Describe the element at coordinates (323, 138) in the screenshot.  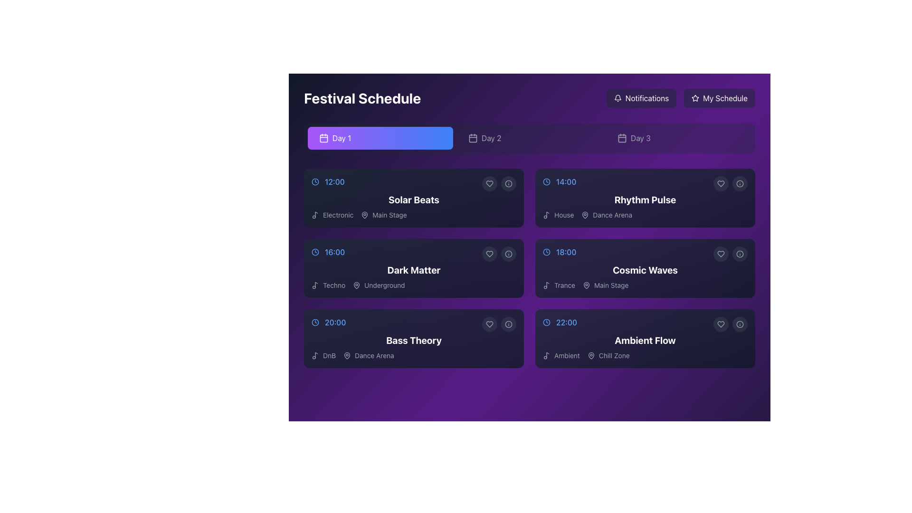
I see `the calendar icon located inside the purple gradient 'Day 1' button, positioned to the left of the text 'Day 1'` at that location.